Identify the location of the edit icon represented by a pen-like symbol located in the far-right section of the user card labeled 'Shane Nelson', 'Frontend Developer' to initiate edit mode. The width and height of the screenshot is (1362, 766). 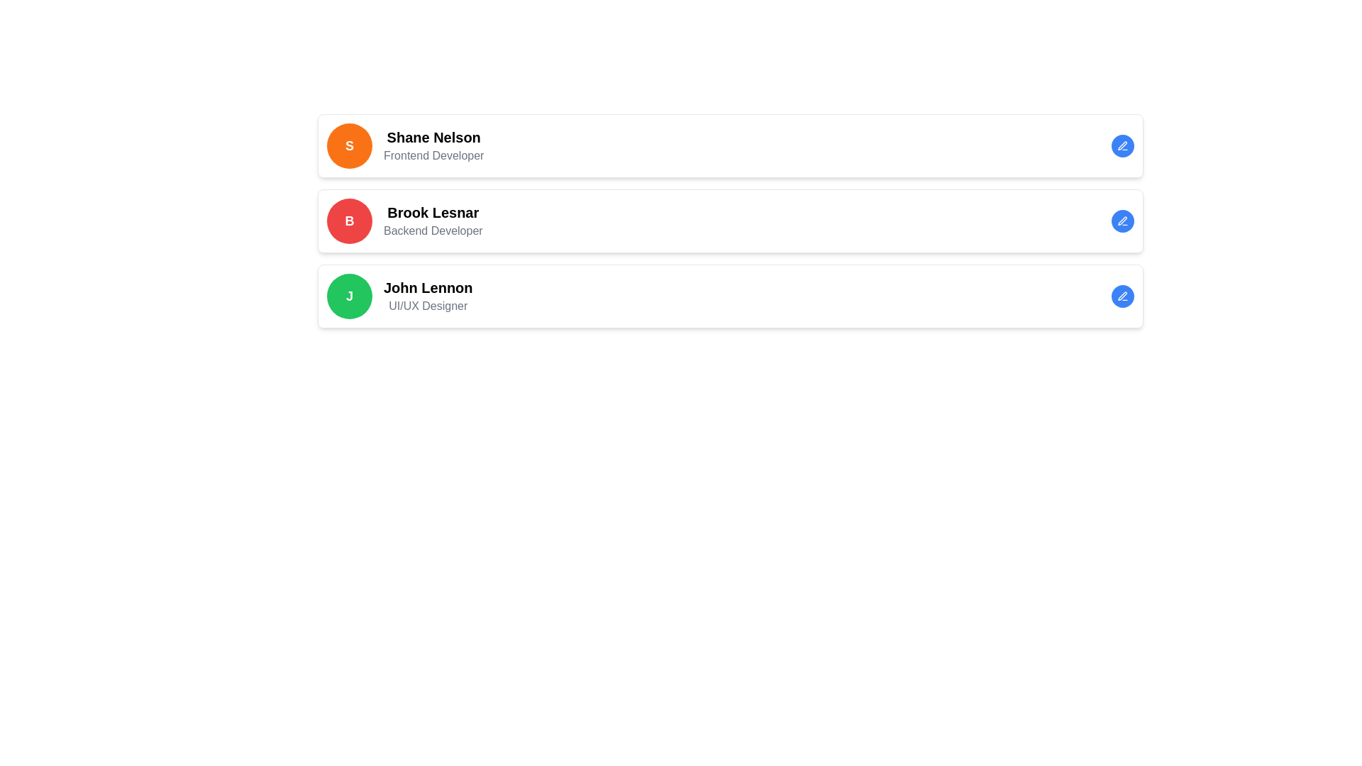
(1122, 145).